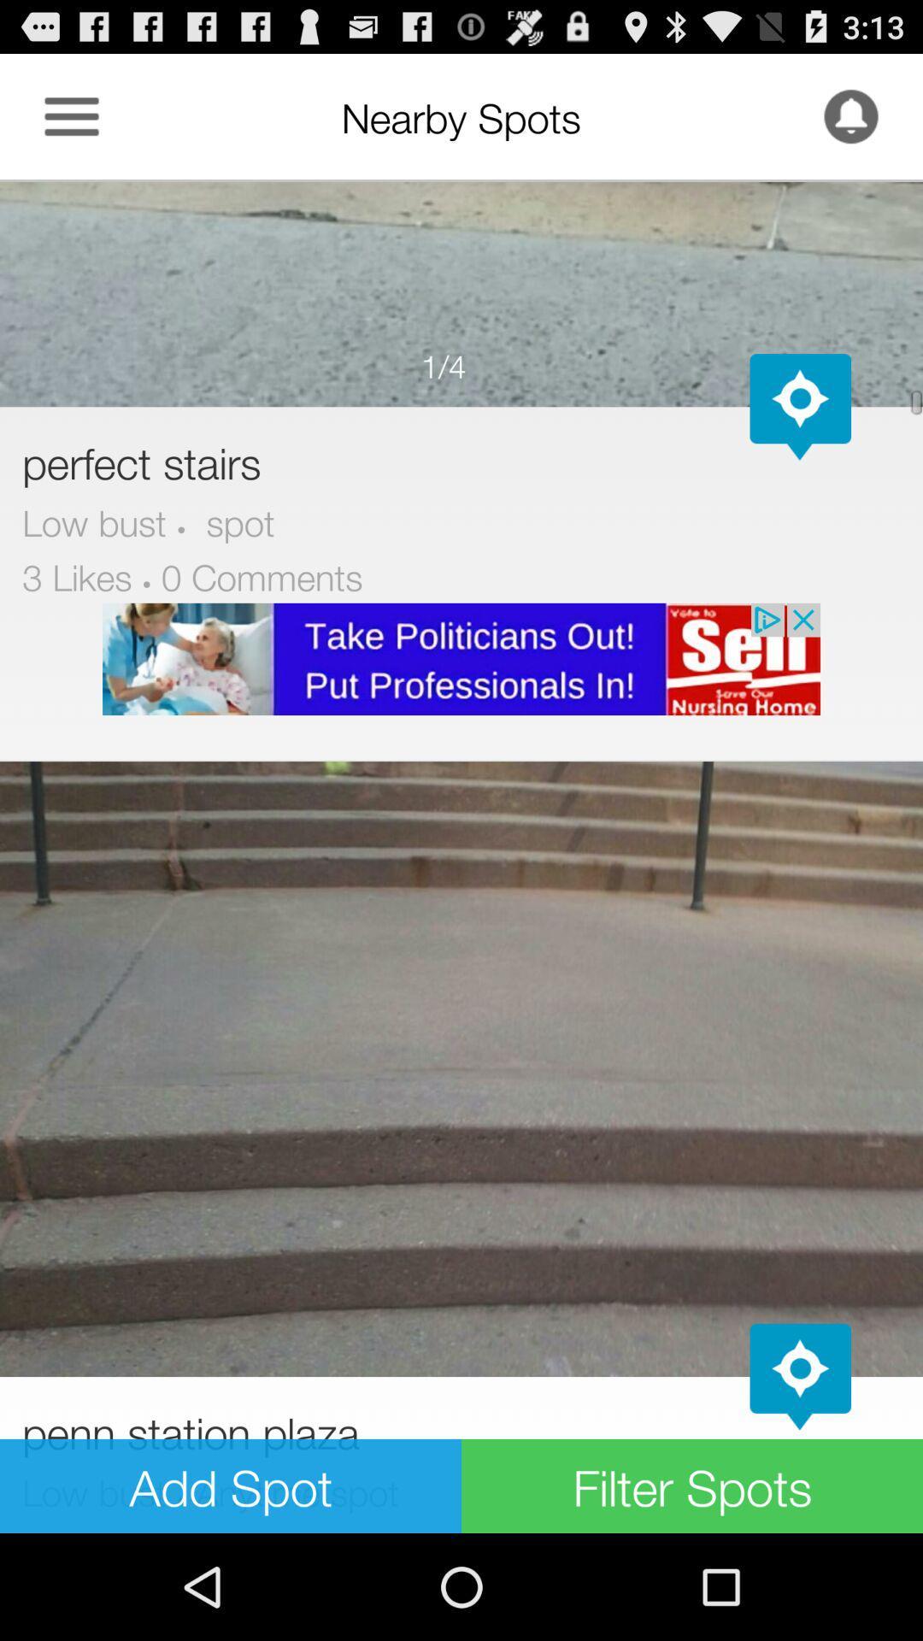  I want to click on the menu icon, so click(71, 124).